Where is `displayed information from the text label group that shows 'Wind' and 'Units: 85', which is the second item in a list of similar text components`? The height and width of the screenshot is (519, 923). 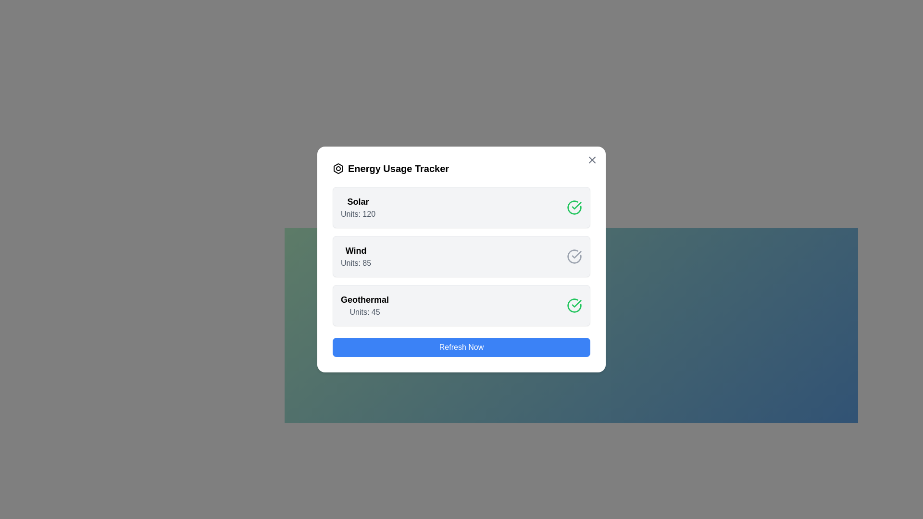
displayed information from the text label group that shows 'Wind' and 'Units: 85', which is the second item in a list of similar text components is located at coordinates (355, 256).